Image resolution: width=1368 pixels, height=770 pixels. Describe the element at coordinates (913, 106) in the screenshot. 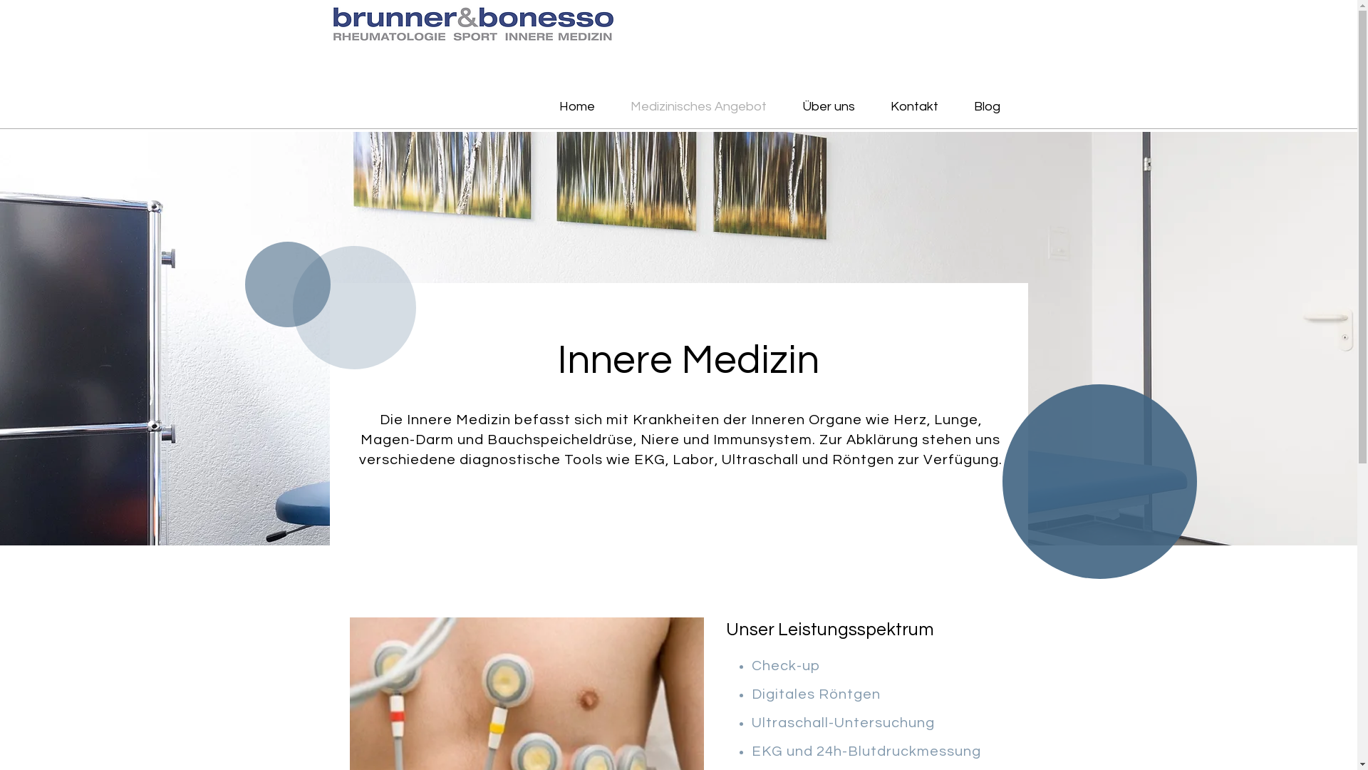

I see `'Kontakt'` at that location.